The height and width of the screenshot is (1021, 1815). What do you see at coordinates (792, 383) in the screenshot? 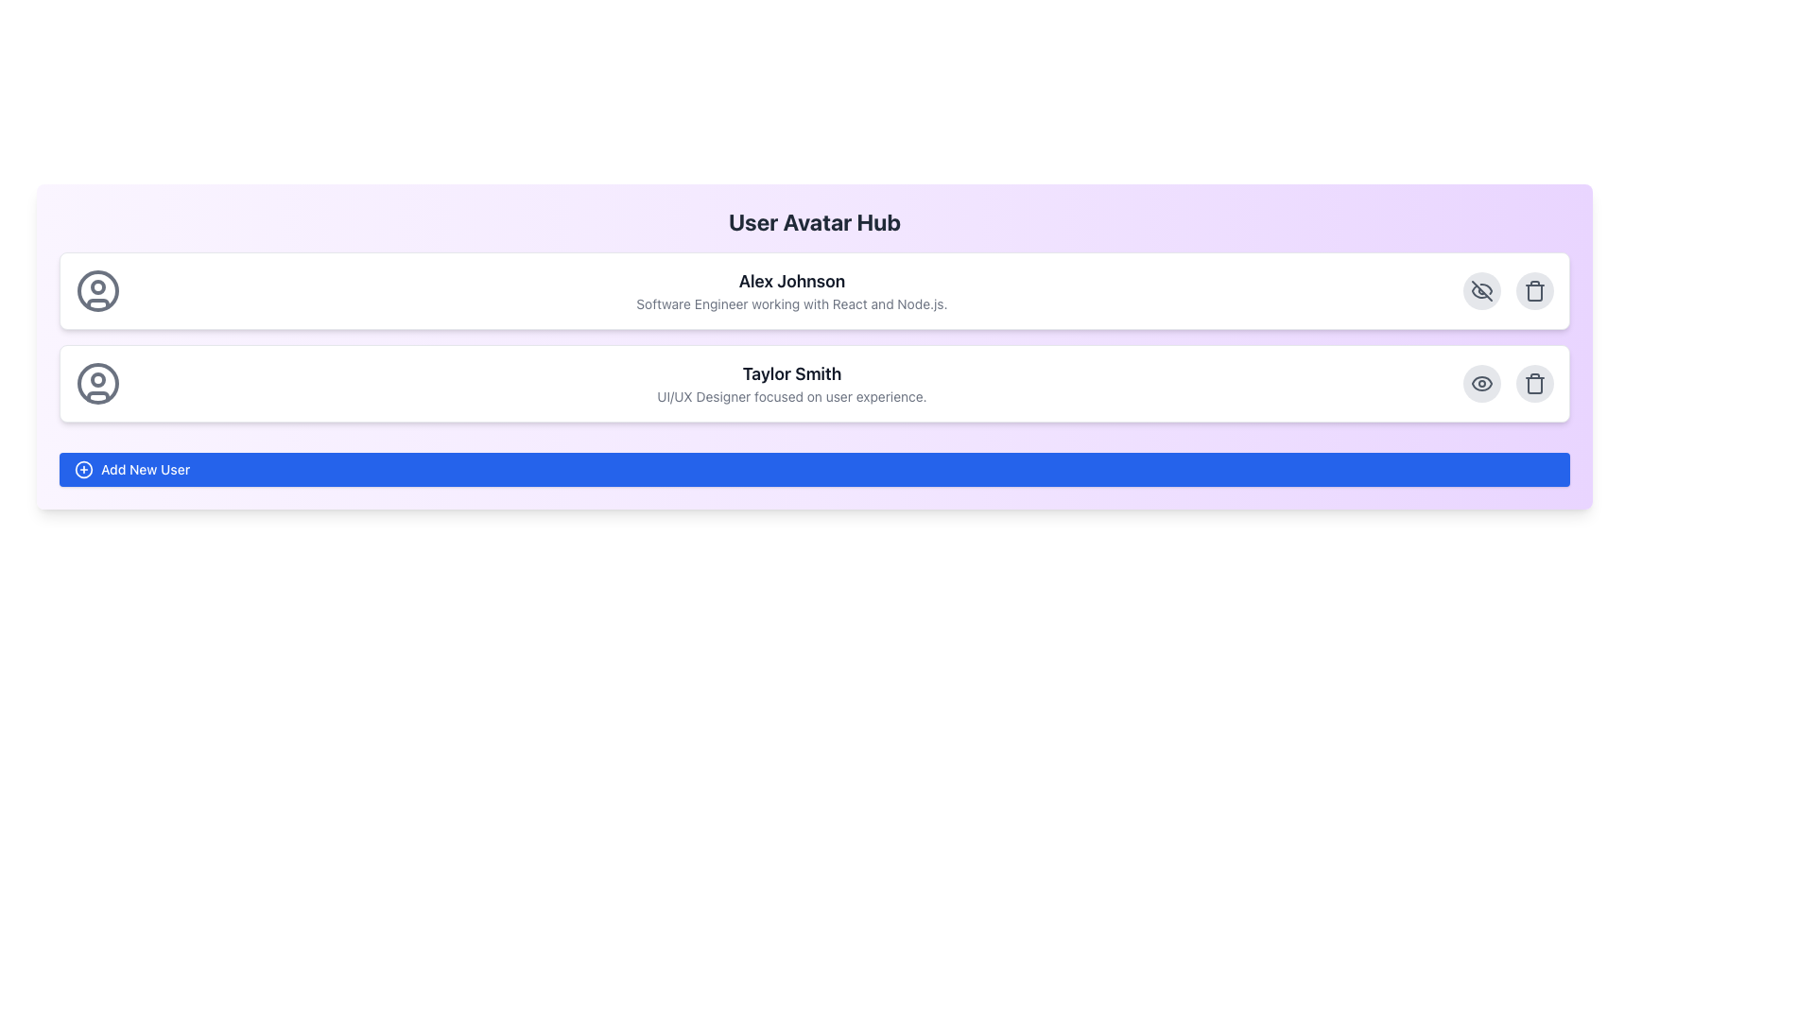
I see `the Text Display Section that shows 'Taylor Smith' in bold, large, dark gray font, with the caption 'UI/UX Designer focused on user experience.' This section is located within a white, rounded rectangle and is the main text block in the second row of user entries` at bounding box center [792, 383].